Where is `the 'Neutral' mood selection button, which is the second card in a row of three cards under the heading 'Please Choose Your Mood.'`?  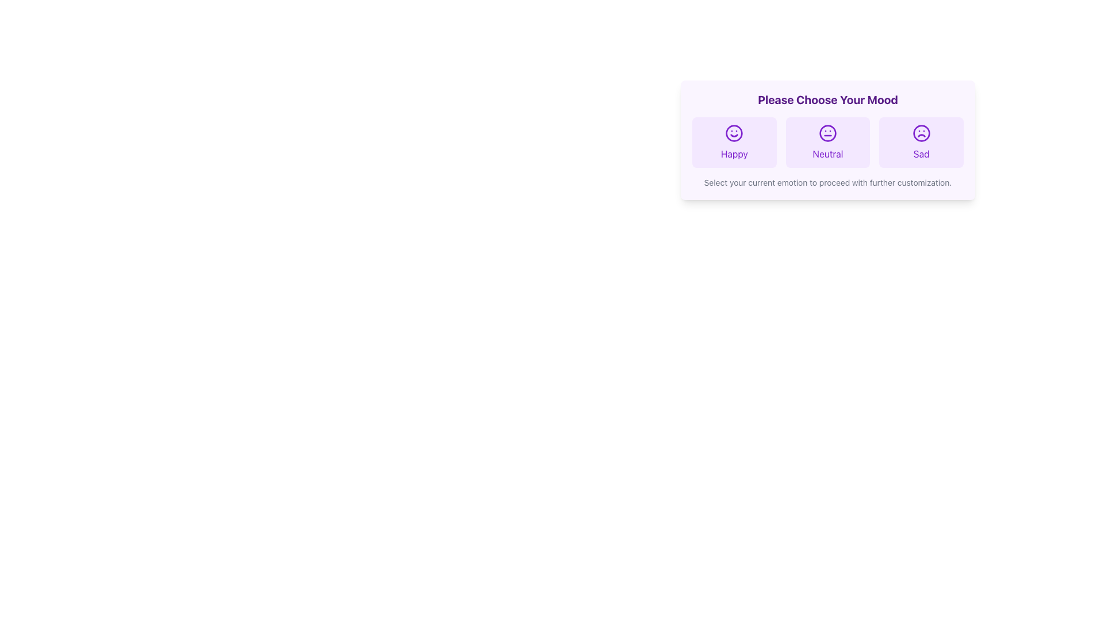 the 'Neutral' mood selection button, which is the second card in a row of three cards under the heading 'Please Choose Your Mood.' is located at coordinates (828, 141).